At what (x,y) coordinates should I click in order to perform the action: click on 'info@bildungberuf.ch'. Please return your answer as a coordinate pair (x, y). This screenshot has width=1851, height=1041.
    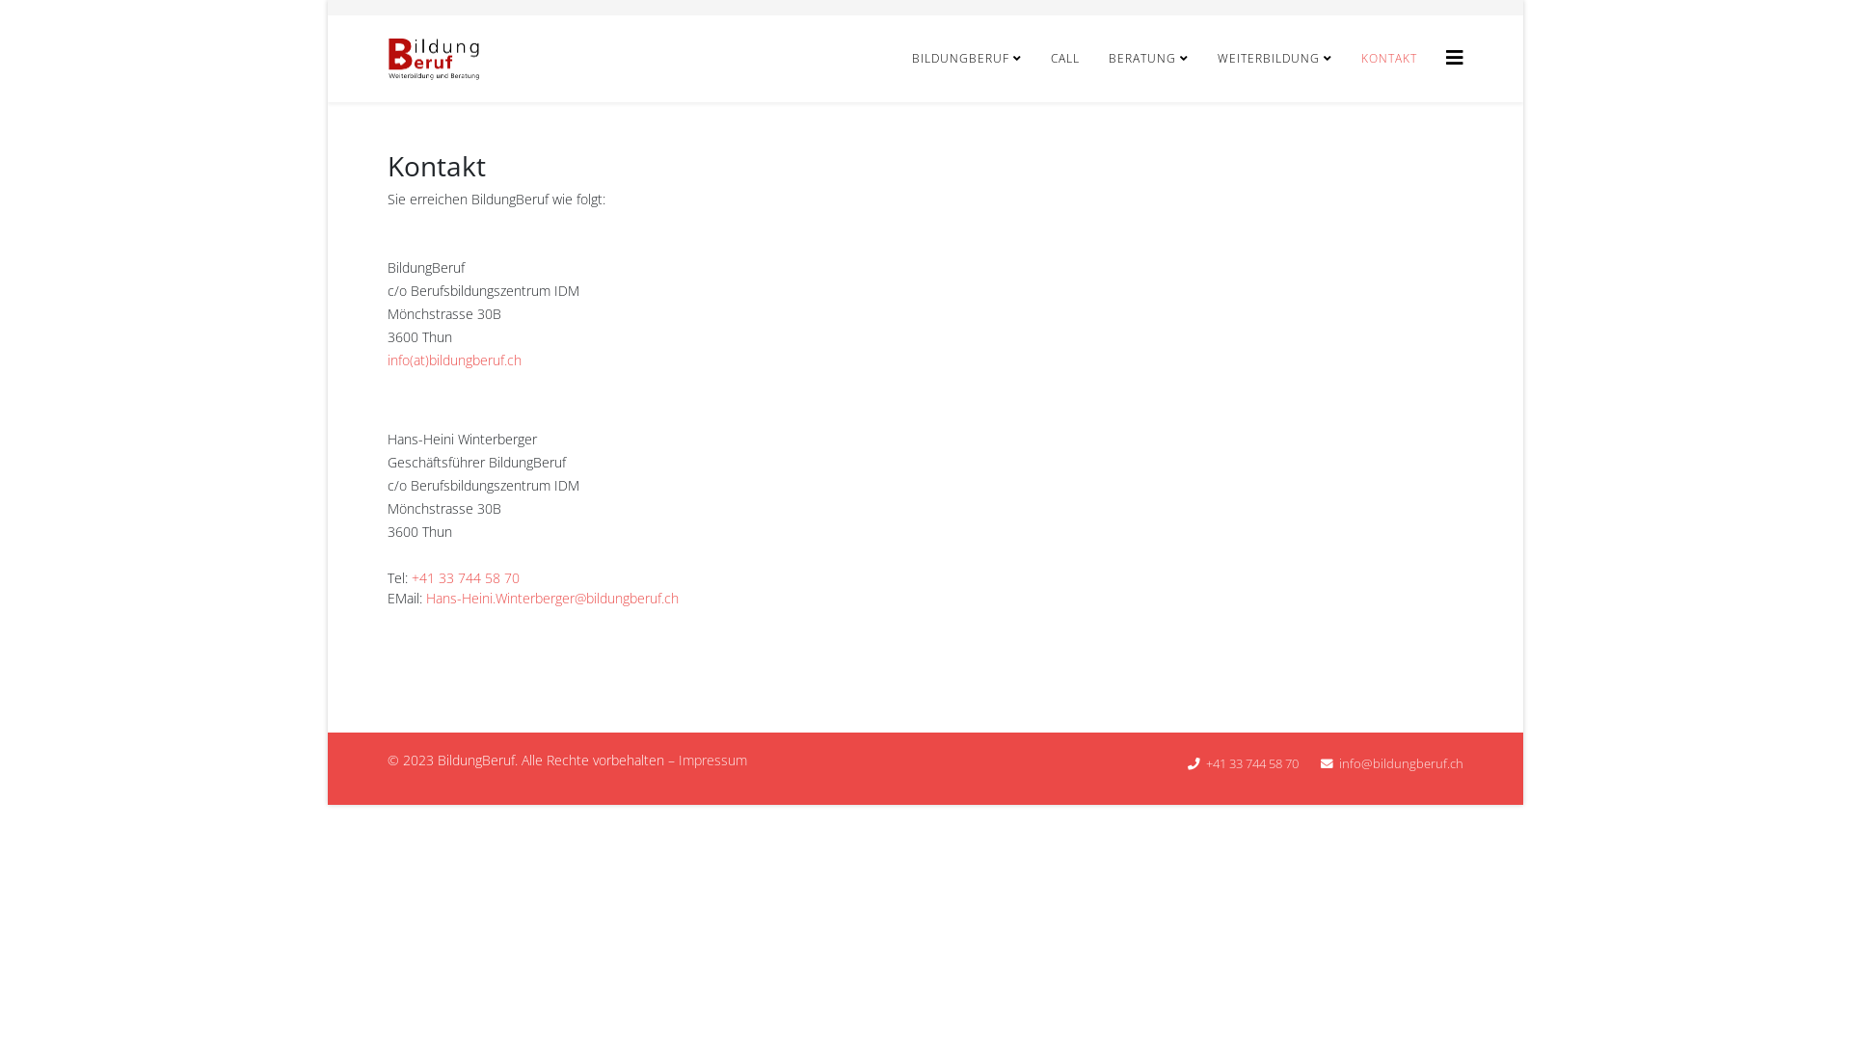
    Looking at the image, I should click on (1401, 762).